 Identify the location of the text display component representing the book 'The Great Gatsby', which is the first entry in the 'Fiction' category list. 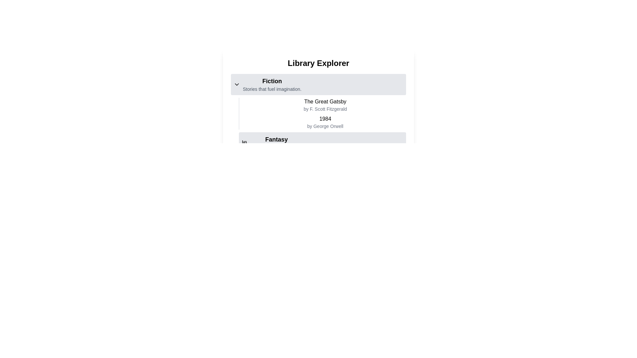
(325, 104).